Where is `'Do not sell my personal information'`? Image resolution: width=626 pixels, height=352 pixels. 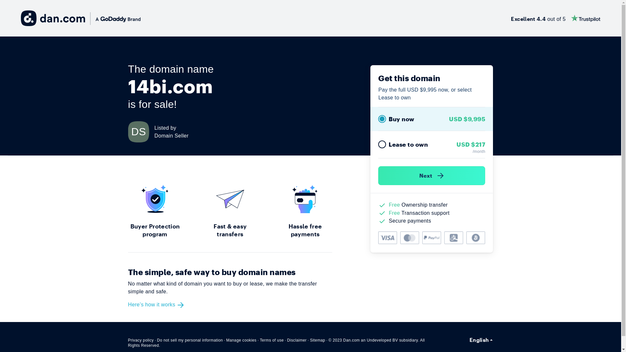 'Do not sell my personal information' is located at coordinates (189, 340).